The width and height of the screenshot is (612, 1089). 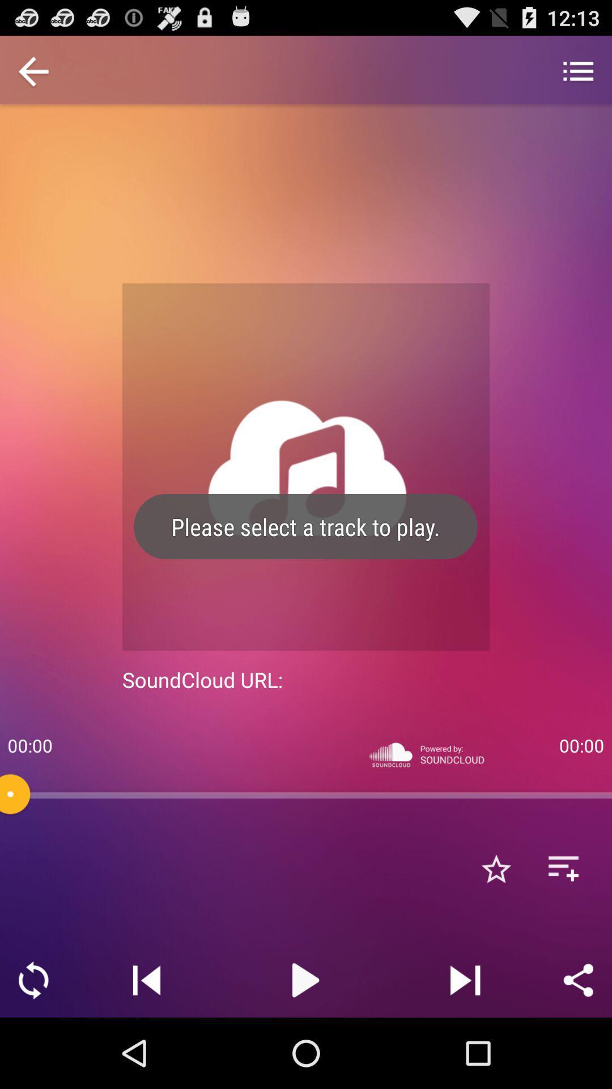 What do you see at coordinates (306, 1048) in the screenshot?
I see `the play icon` at bounding box center [306, 1048].